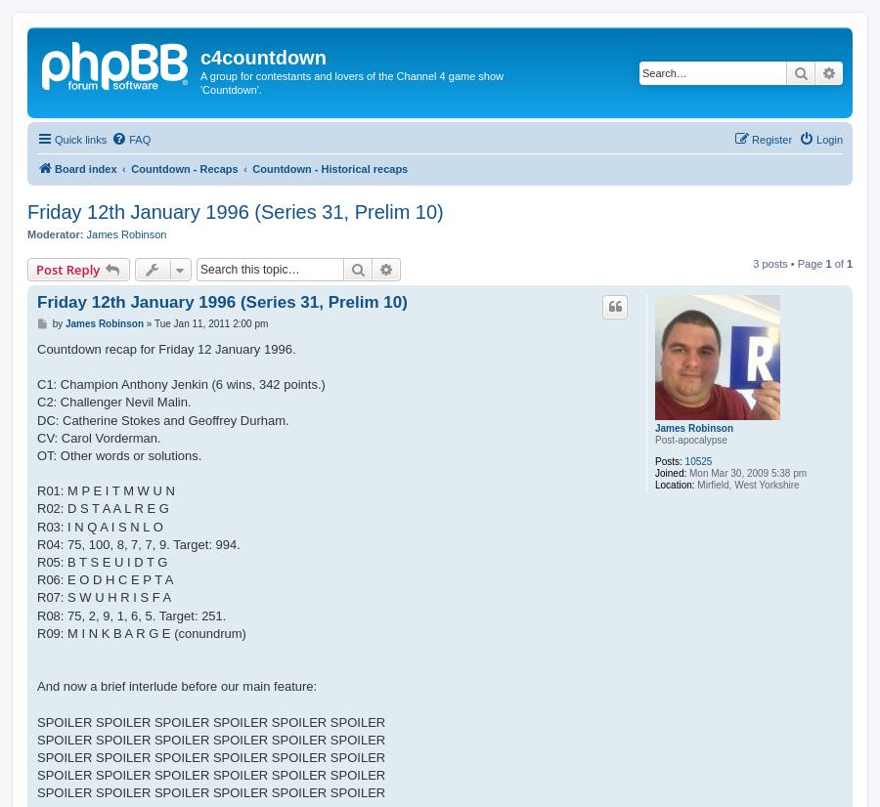 This screenshot has height=807, width=880. Describe the element at coordinates (352, 82) in the screenshot. I see `'A group for contestants and lovers of the Channel 4 game show 'Countdown'.'` at that location.